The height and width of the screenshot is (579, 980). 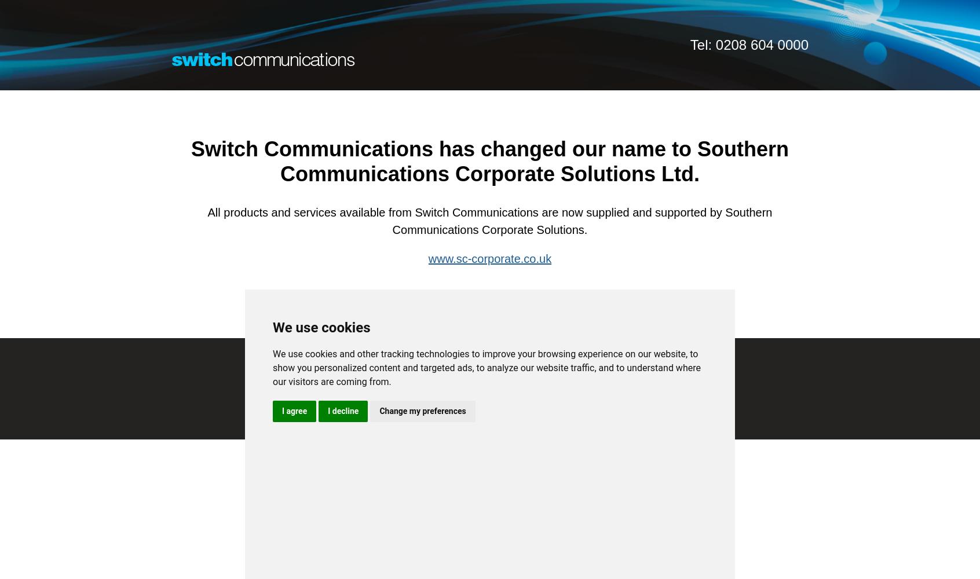 What do you see at coordinates (489, 460) in the screenshot?
I see `'Update cookies preferences'` at bounding box center [489, 460].